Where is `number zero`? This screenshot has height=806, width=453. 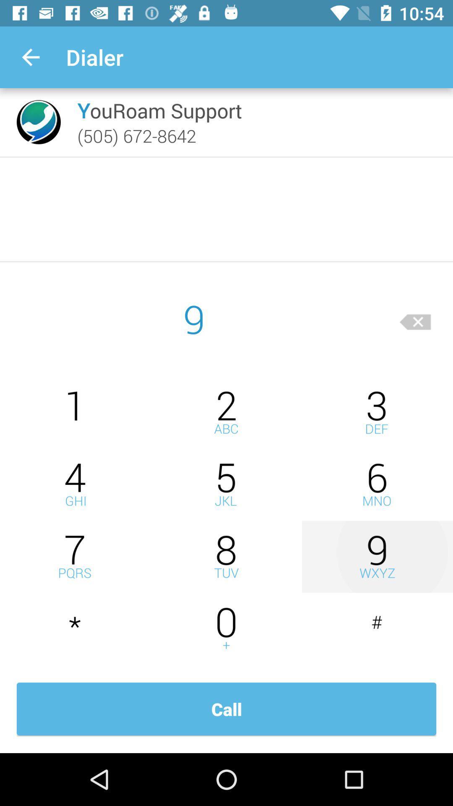 number zero is located at coordinates (226, 629).